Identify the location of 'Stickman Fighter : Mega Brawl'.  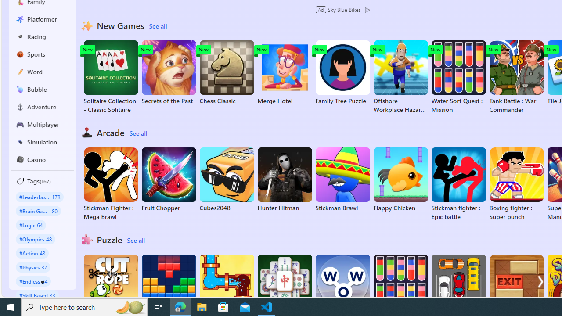
(110, 184).